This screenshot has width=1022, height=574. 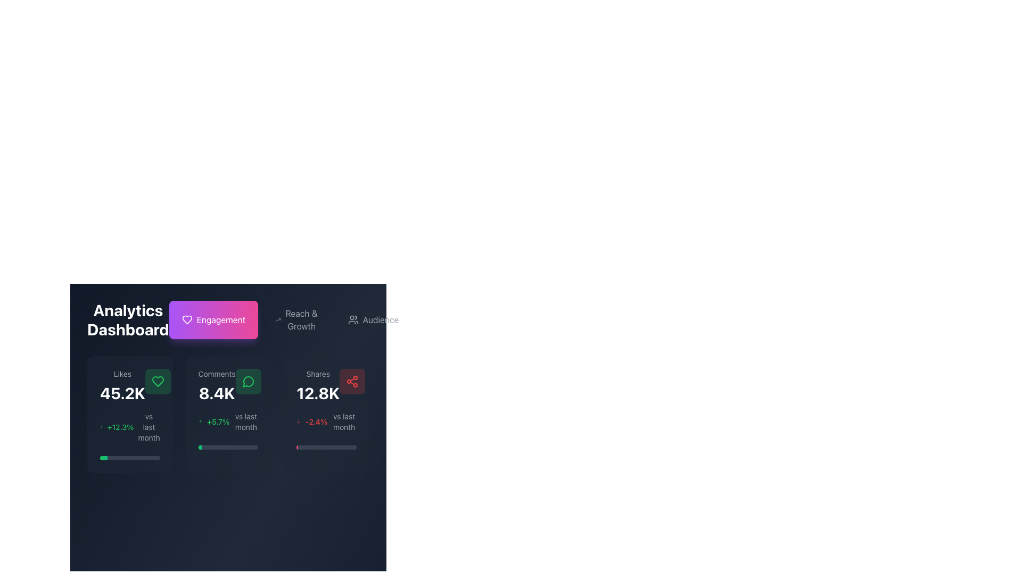 What do you see at coordinates (227, 319) in the screenshot?
I see `the 'Engagement' button on the Interactive menu bar` at bounding box center [227, 319].